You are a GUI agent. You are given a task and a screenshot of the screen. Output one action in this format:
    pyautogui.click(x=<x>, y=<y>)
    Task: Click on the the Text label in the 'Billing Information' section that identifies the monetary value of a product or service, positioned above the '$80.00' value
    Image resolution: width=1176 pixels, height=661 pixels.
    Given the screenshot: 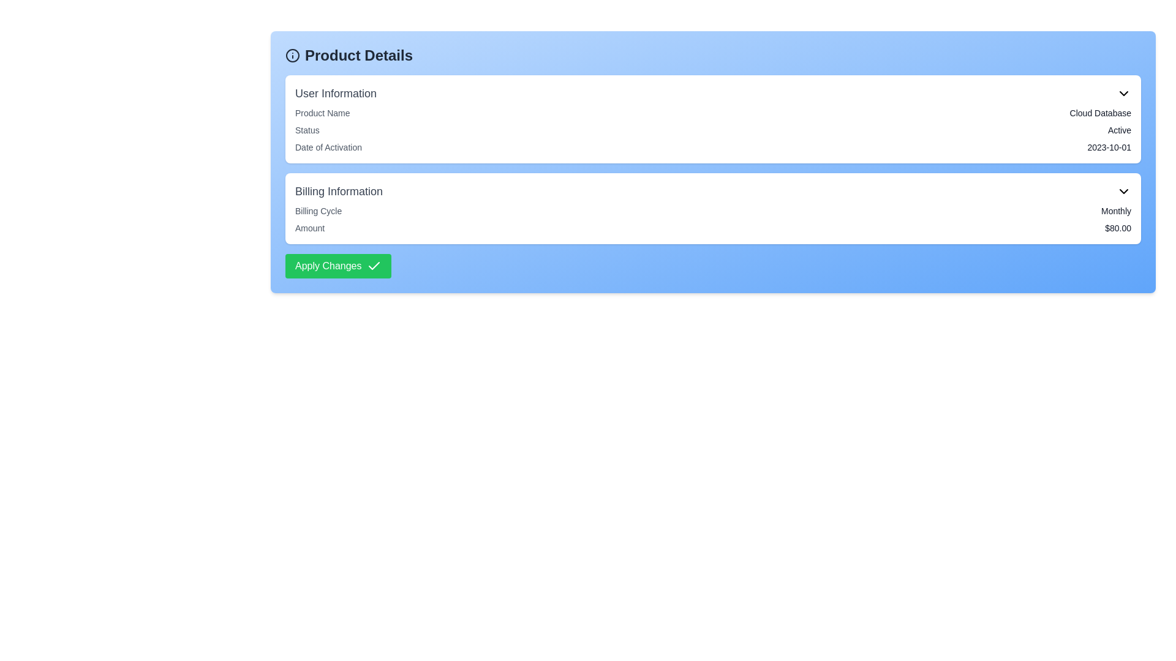 What is the action you would take?
    pyautogui.click(x=310, y=228)
    